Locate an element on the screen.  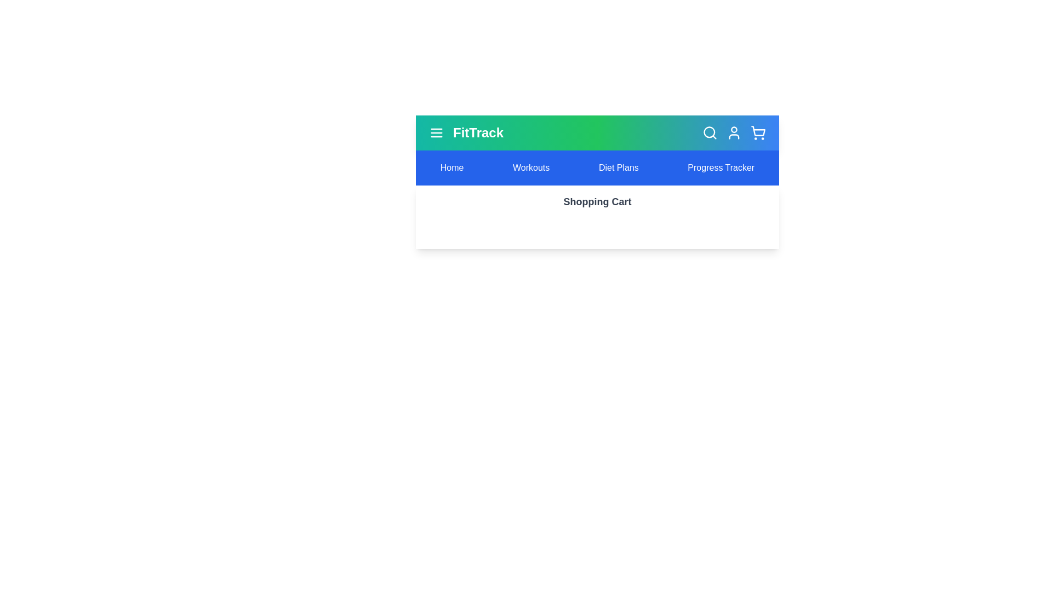
the shopping_cart icon to trigger its visual feedback is located at coordinates (757, 132).